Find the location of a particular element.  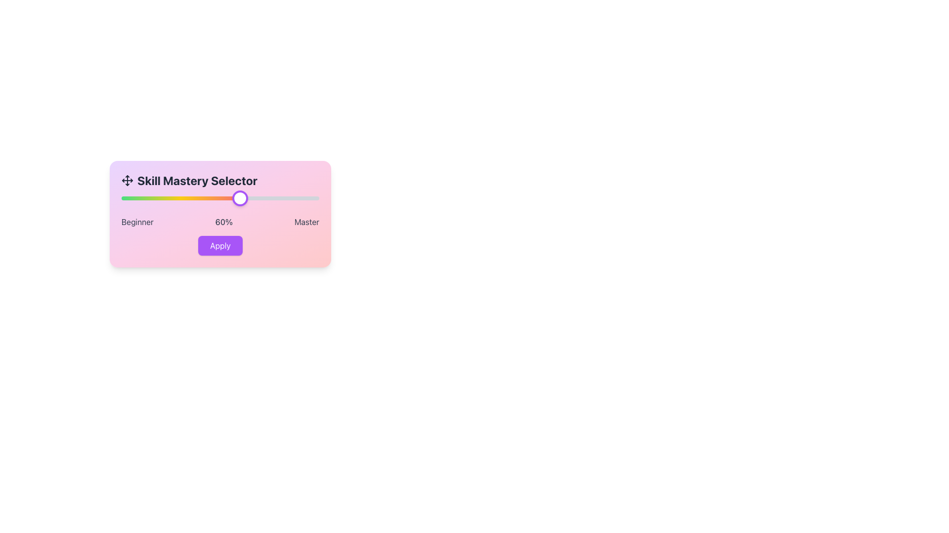

the slider position is located at coordinates (228, 198).